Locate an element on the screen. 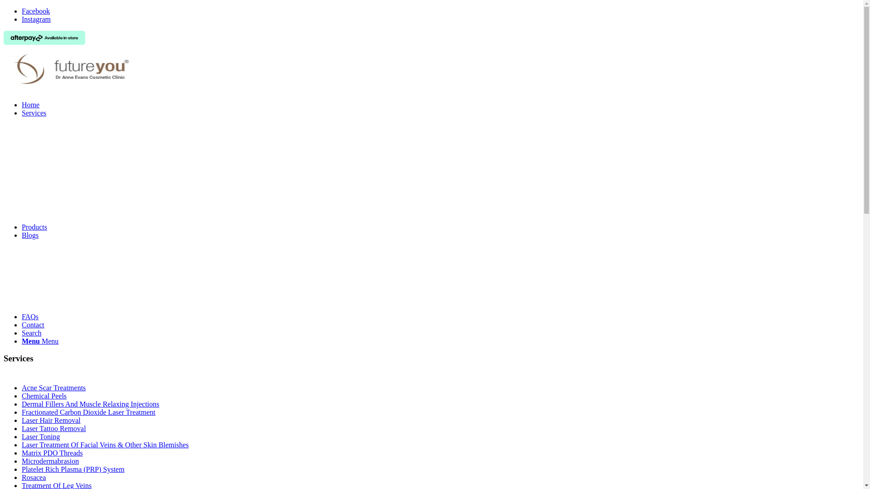 This screenshot has height=489, width=870. 'Microdermabrasion' is located at coordinates (22, 461).